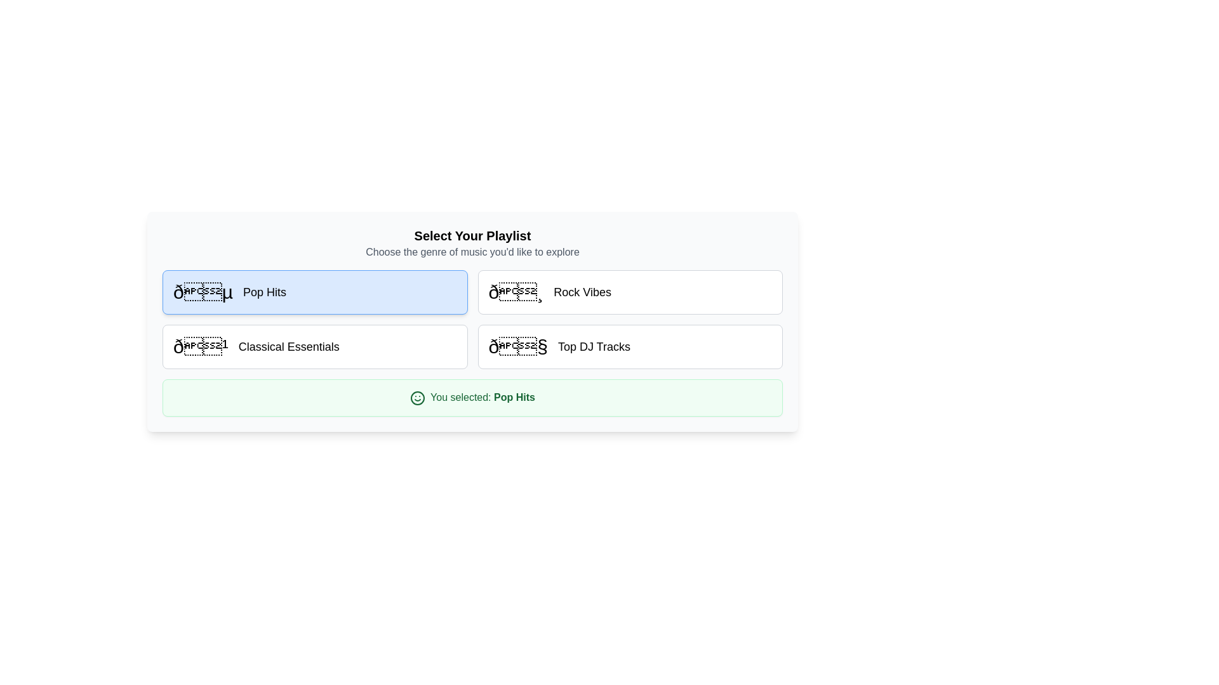 The width and height of the screenshot is (1219, 685). Describe the element at coordinates (417, 397) in the screenshot. I see `the confirmation icon located in the green notification bar at the bottom of the playlist selection interface, positioned to the left of the text 'You selected: Pop Hits.'` at that location.